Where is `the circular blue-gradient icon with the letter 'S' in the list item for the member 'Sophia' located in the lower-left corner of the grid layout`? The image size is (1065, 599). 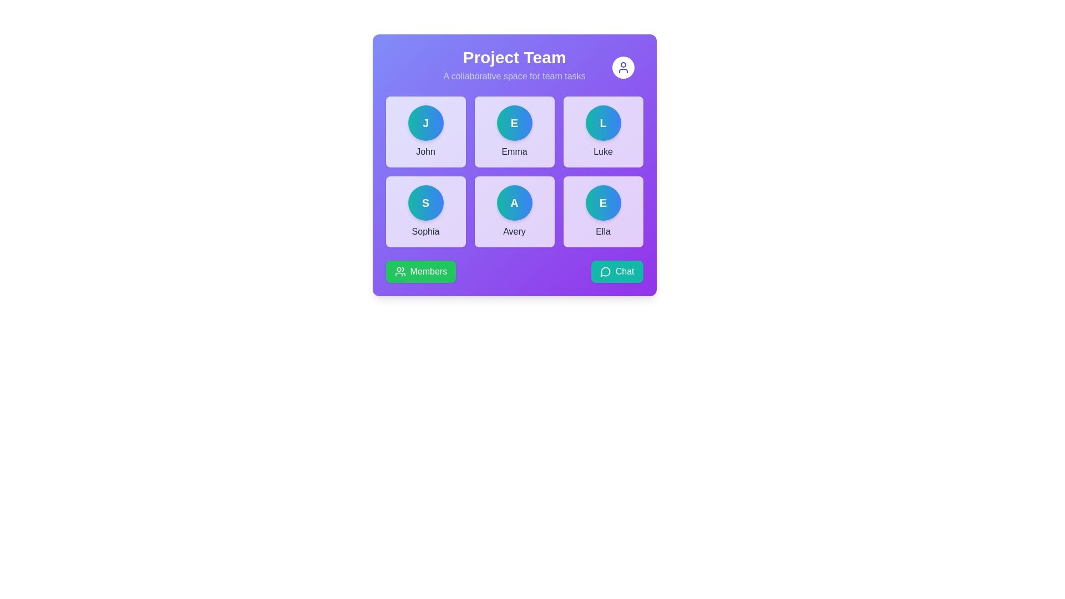
the circular blue-gradient icon with the letter 'S' in the list item for the member 'Sophia' located in the lower-left corner of the grid layout is located at coordinates (425, 211).